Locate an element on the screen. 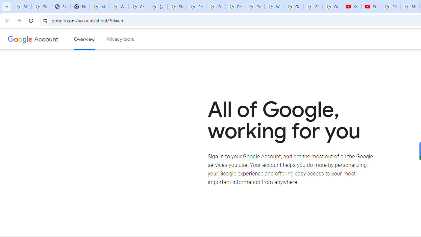  'Welcome to My Activity' is located at coordinates (274, 7).